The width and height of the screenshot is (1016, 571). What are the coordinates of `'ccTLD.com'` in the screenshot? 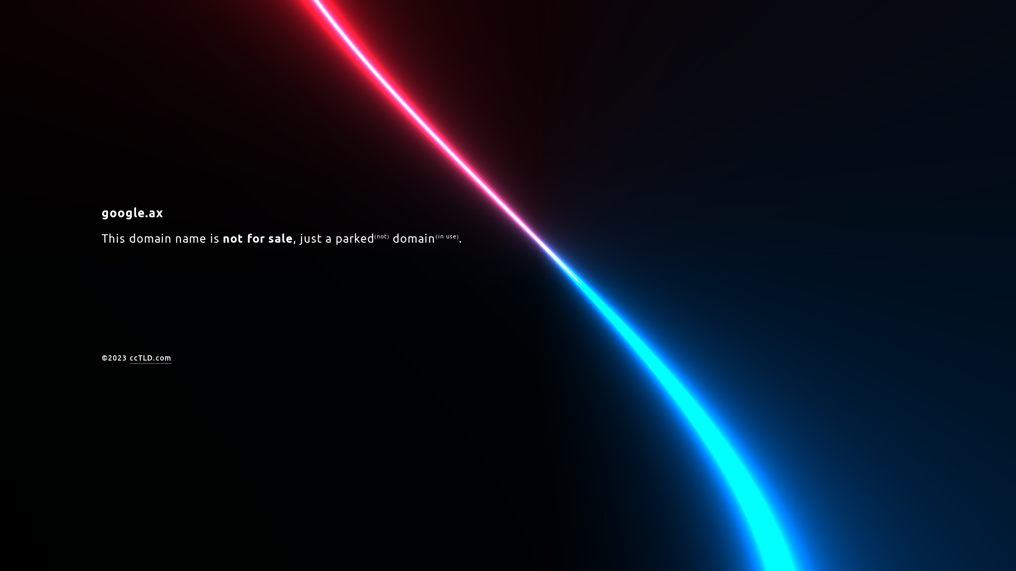 It's located at (149, 358).